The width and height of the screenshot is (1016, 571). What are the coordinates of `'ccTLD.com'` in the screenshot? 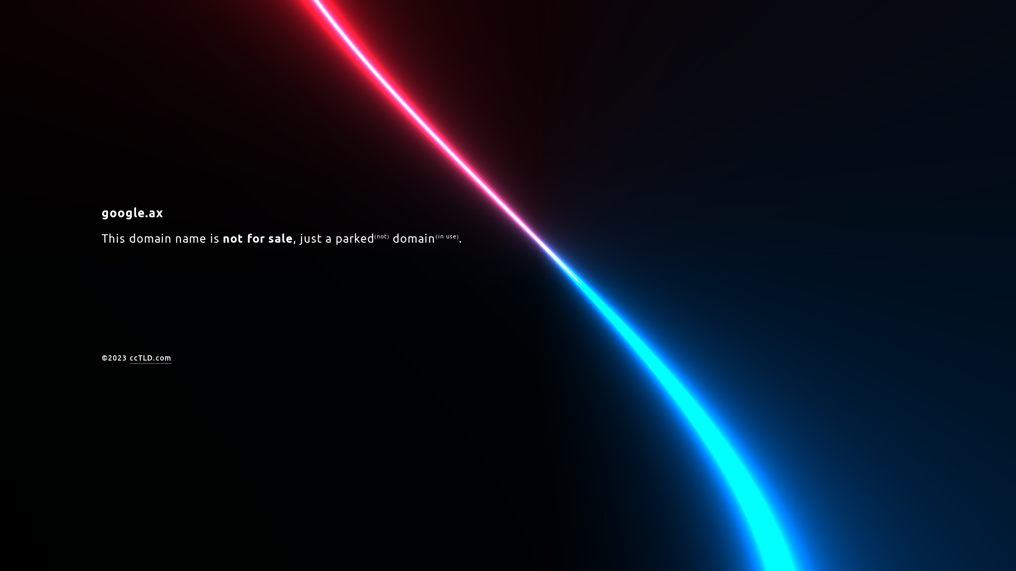 It's located at (149, 358).